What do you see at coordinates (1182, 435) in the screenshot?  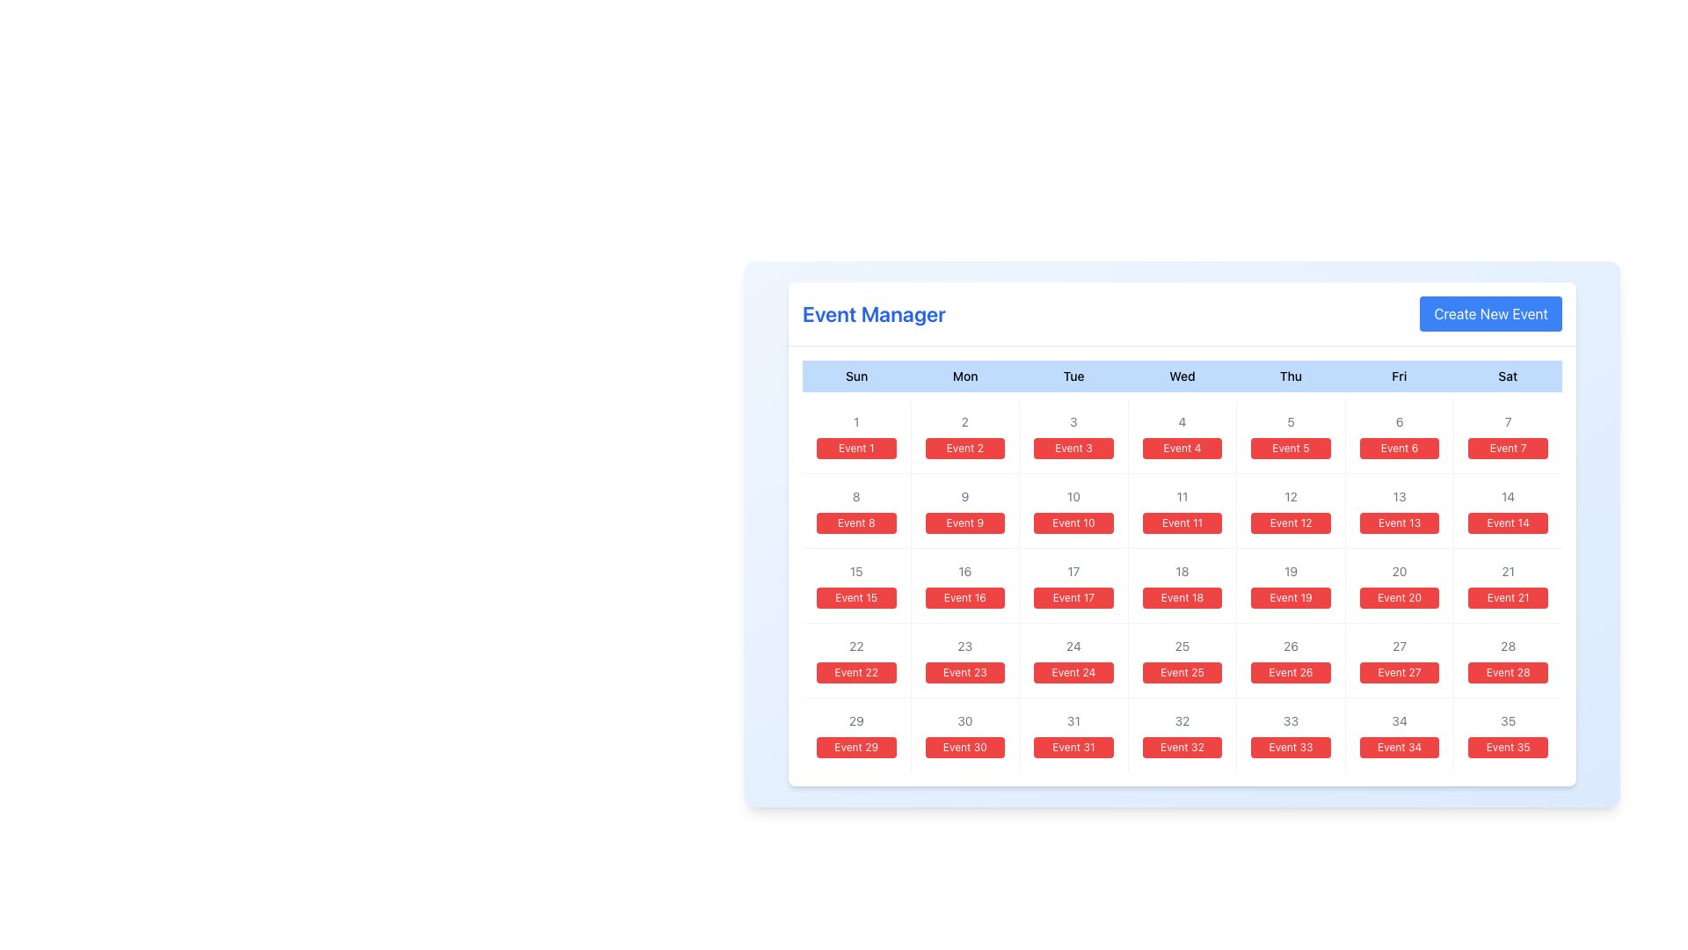 I see `the event button labeled 'Event 4' in the calendar view representing the fourth day under the 'Wed' header` at bounding box center [1182, 435].